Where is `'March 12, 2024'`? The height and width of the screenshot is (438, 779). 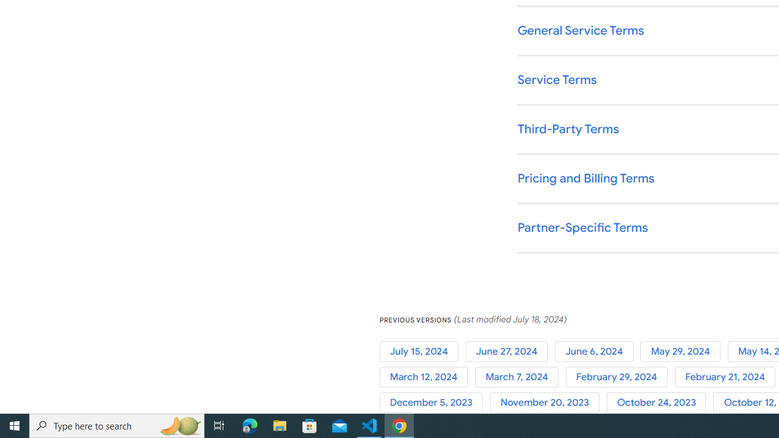
'March 12, 2024' is located at coordinates (427, 377).